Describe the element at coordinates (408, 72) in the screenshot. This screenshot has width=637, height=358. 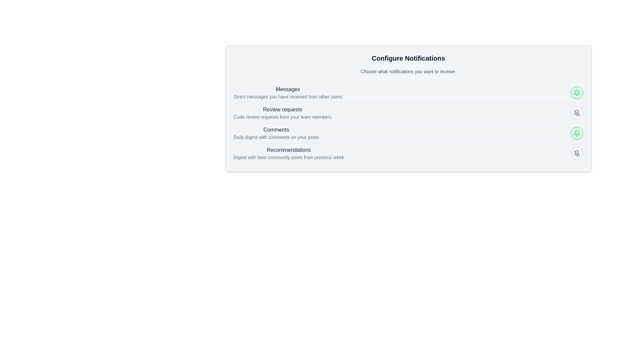
I see `text block that contains the phrase 'Choose what notifications you want to receive:', which is styled in a smaller gray font and positioned below the title 'Configure Notifications'` at that location.